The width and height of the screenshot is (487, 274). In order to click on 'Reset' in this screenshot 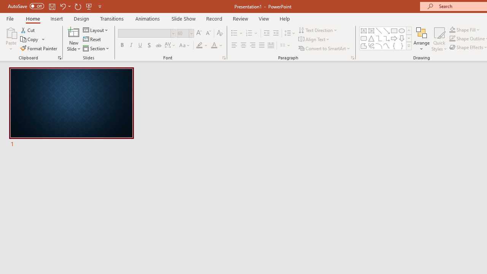, I will do `click(92, 39)`.